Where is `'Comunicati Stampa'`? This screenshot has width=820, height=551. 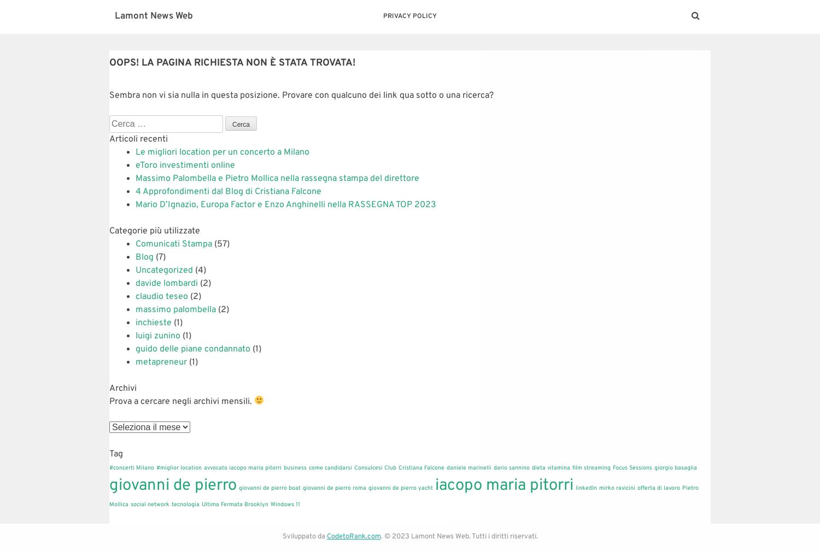 'Comunicati Stampa' is located at coordinates (173, 244).